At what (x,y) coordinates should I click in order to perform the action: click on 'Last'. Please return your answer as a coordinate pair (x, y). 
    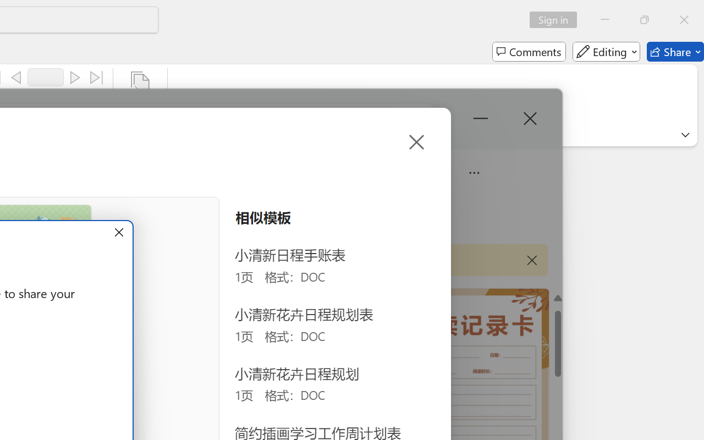
    Looking at the image, I should click on (97, 78).